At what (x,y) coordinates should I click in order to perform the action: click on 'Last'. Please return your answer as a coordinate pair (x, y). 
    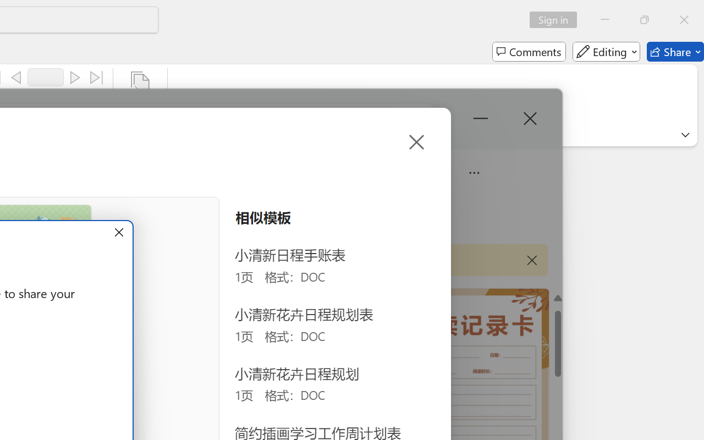
    Looking at the image, I should click on (97, 78).